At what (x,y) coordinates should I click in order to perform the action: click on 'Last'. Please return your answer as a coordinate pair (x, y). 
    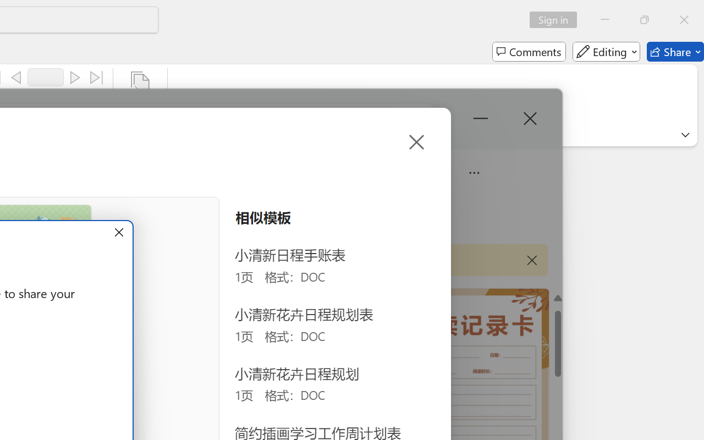
    Looking at the image, I should click on (97, 78).